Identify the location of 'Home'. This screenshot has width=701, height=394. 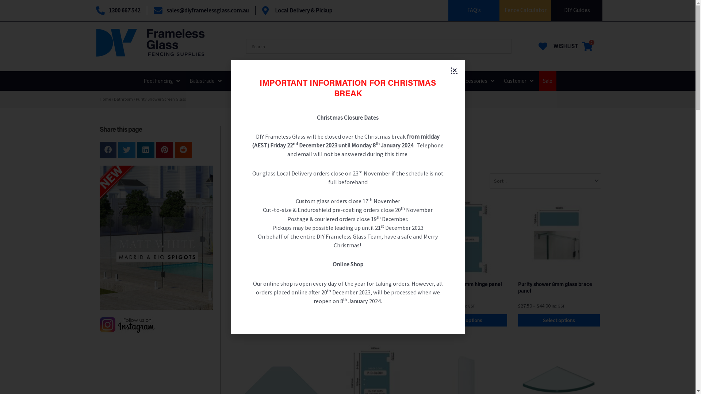
(99, 99).